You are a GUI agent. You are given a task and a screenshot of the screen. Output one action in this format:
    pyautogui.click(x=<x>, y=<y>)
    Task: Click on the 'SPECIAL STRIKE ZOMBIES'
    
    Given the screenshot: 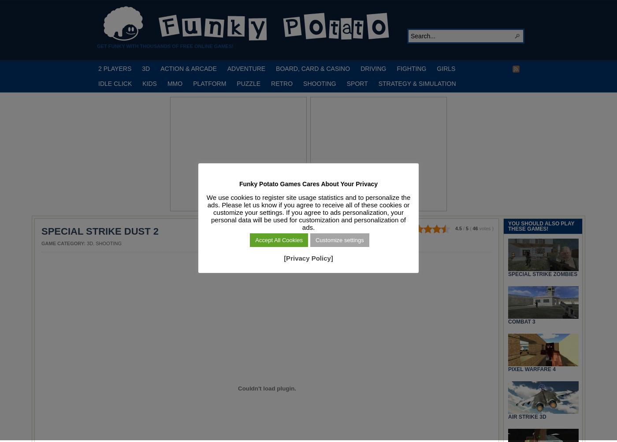 What is the action you would take?
    pyautogui.click(x=543, y=273)
    